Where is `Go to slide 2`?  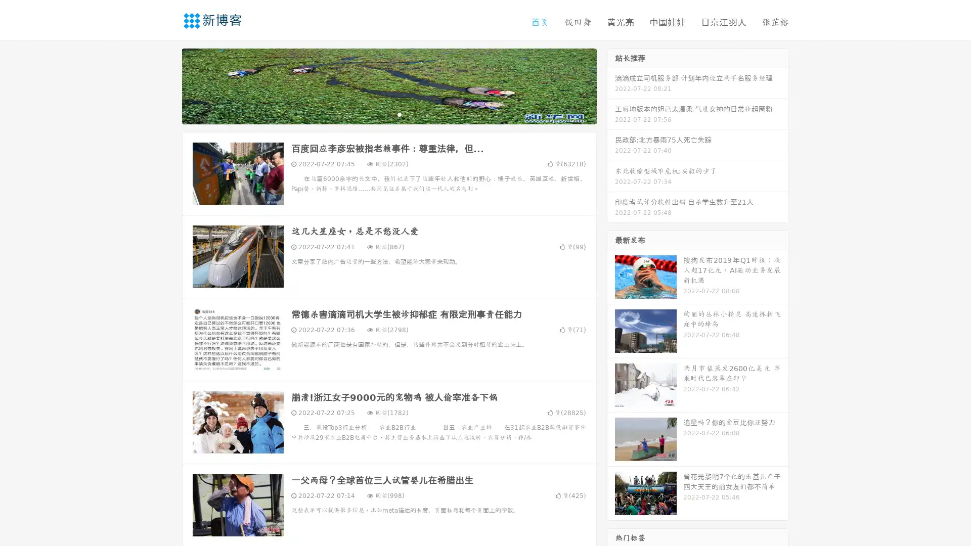 Go to slide 2 is located at coordinates (388, 114).